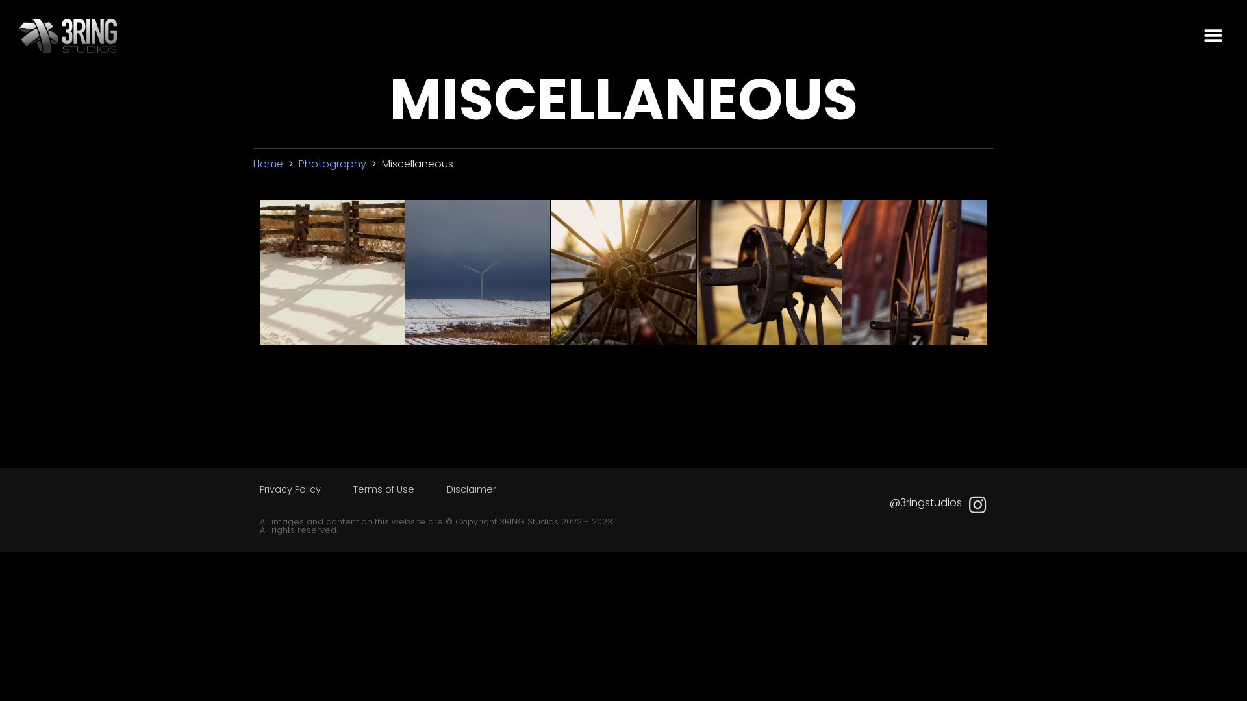 The width and height of the screenshot is (1247, 701). What do you see at coordinates (383, 489) in the screenshot?
I see `'Terms of Use'` at bounding box center [383, 489].